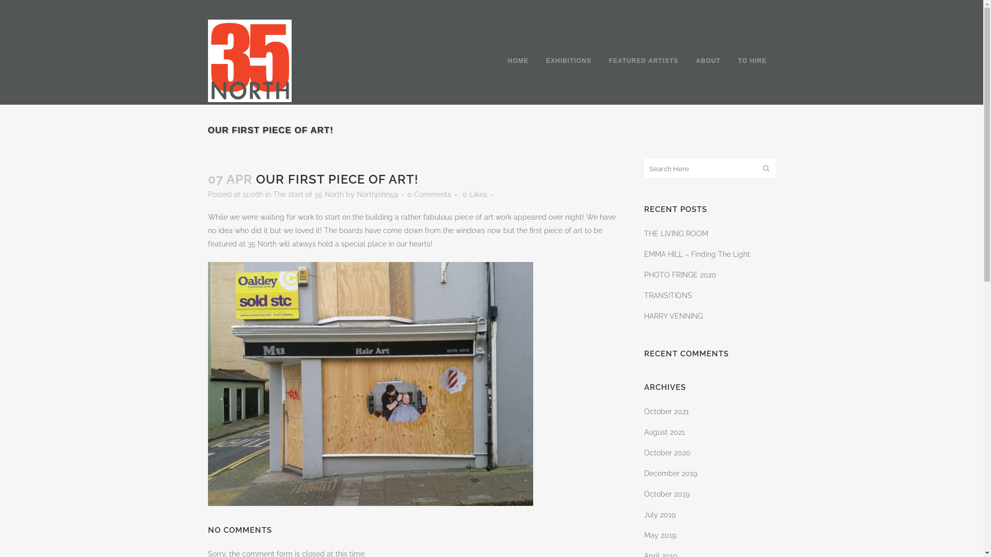 This screenshot has width=991, height=557. Describe the element at coordinates (670, 473) in the screenshot. I see `'December 2019'` at that location.